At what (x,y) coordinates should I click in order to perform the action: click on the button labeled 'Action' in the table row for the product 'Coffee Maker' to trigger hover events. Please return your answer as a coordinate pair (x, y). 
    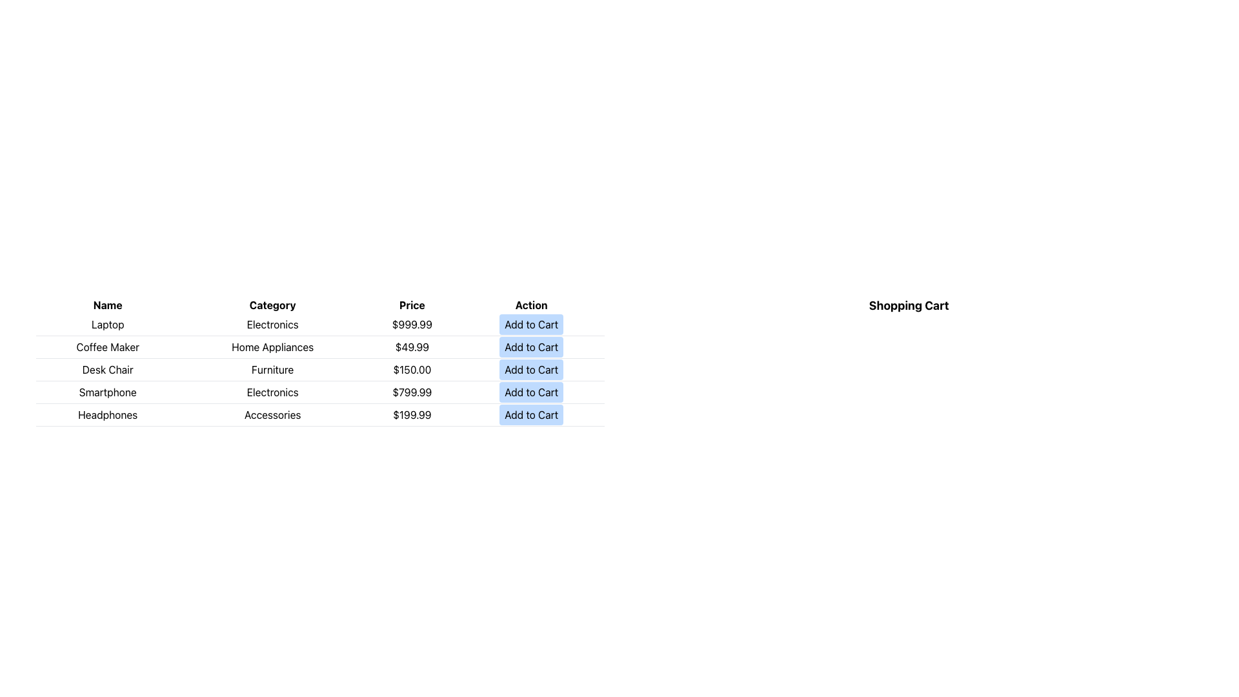
    Looking at the image, I should click on (531, 346).